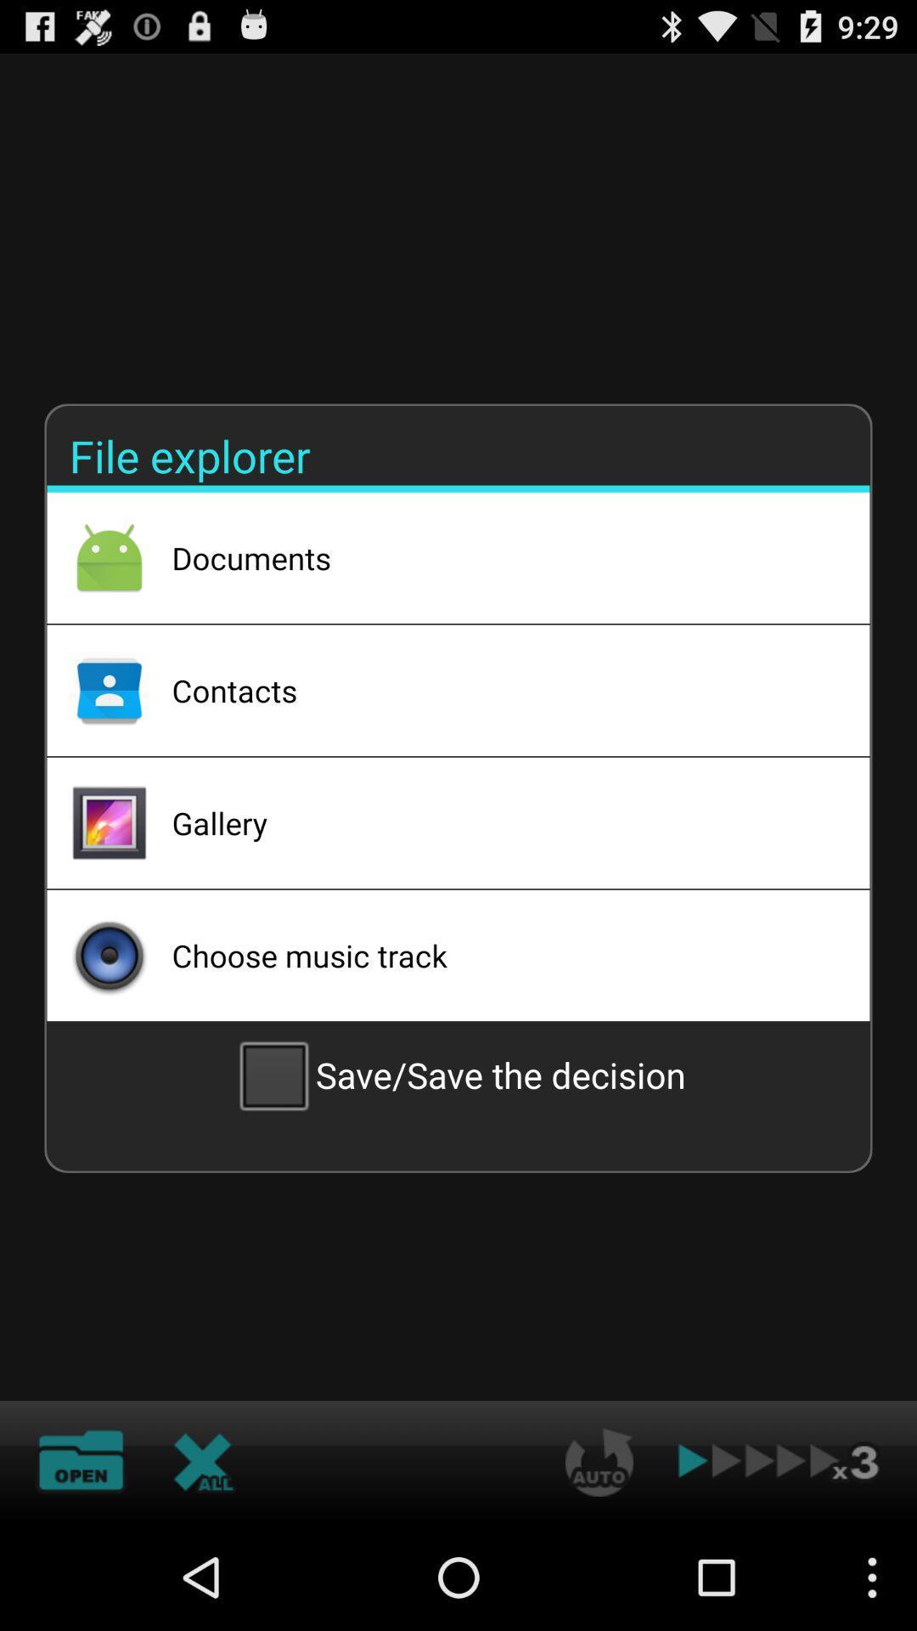  I want to click on the app above contacts app, so click(498, 558).